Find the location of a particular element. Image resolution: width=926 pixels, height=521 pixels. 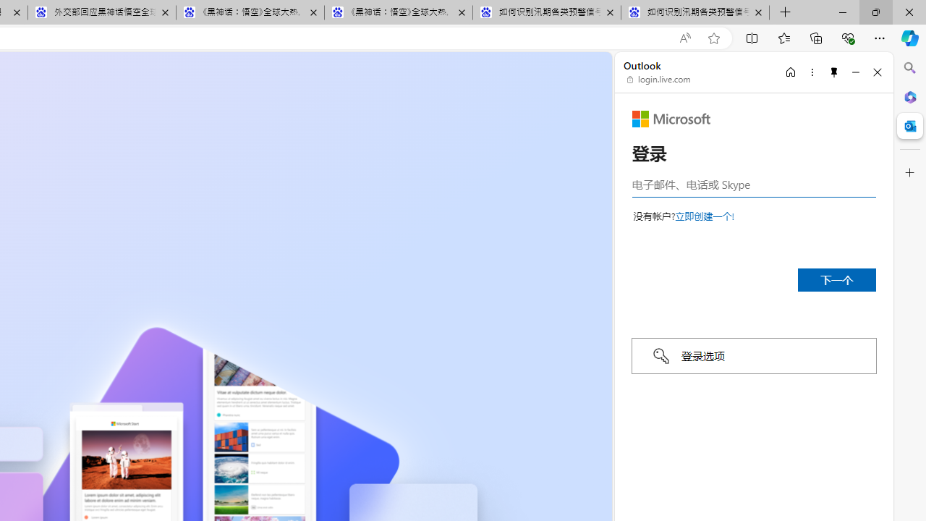

'login.live.com' is located at coordinates (658, 80).